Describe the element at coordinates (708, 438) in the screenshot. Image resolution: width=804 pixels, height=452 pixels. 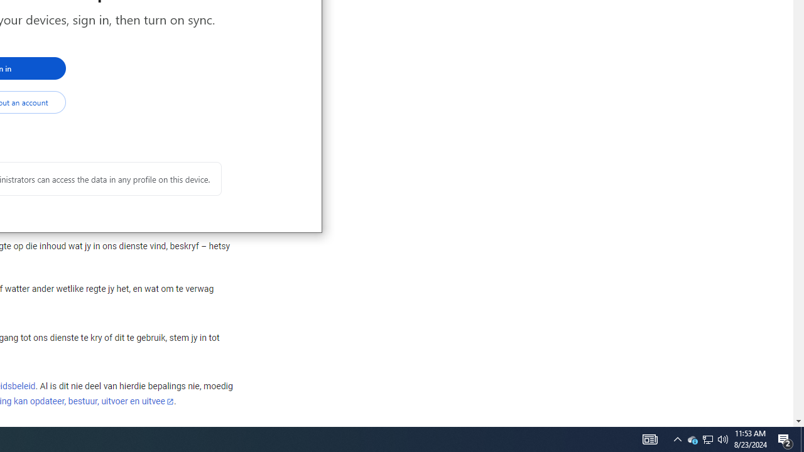
I see `'User Promoted Notification Area'` at that location.